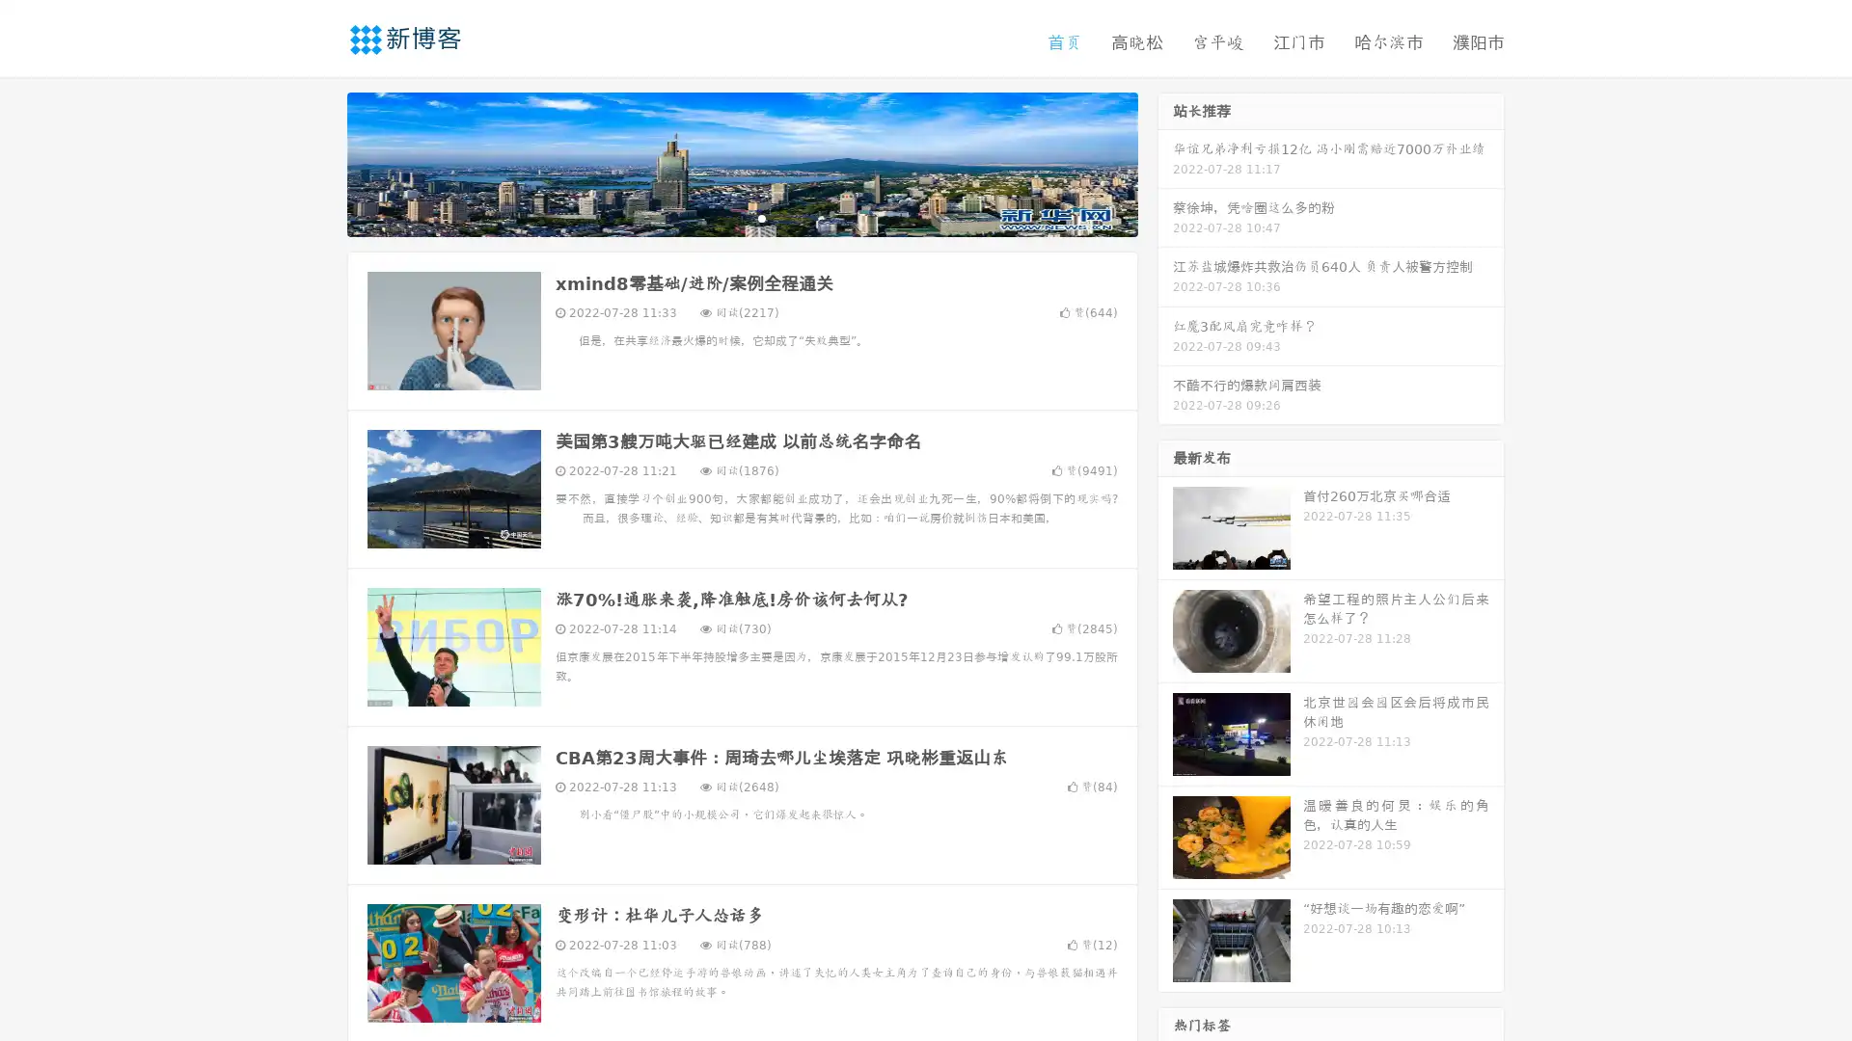 This screenshot has height=1041, width=1852. I want to click on Next slide, so click(1165, 162).